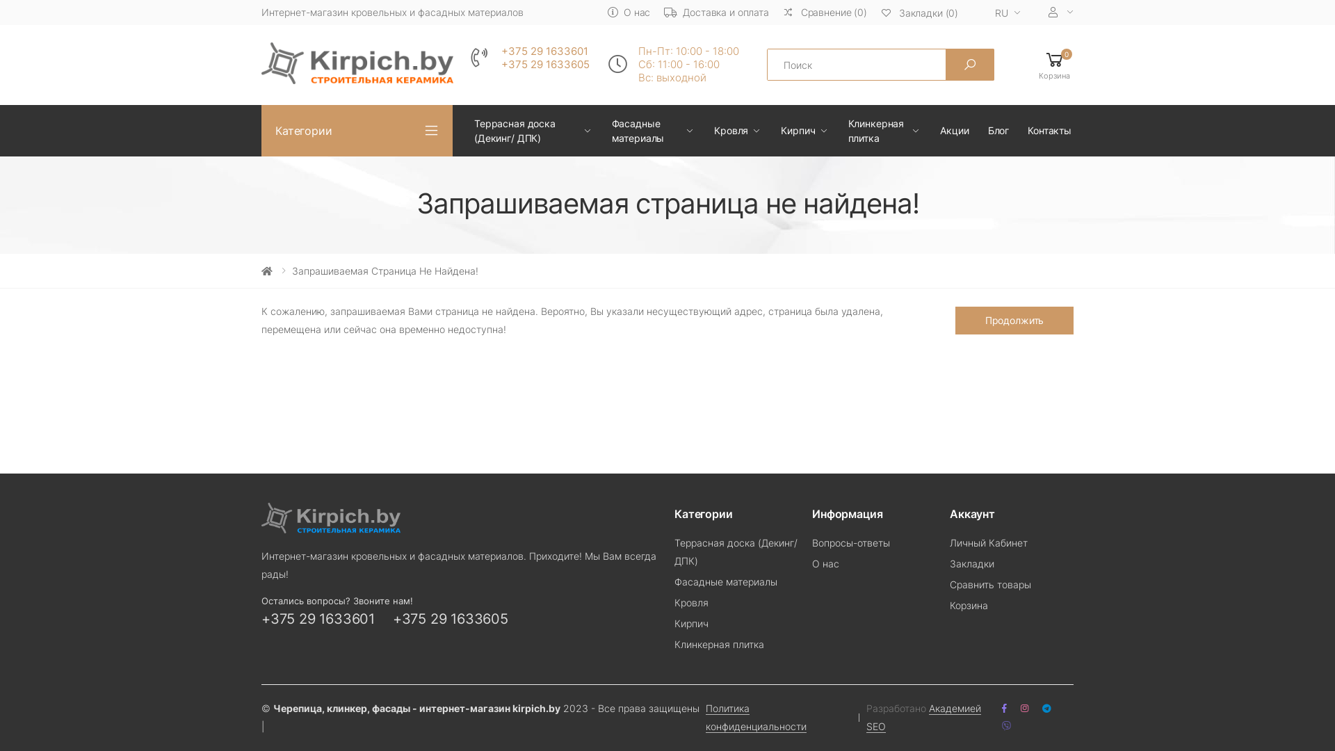 This screenshot has width=1335, height=751. I want to click on '+375 29 1633605', so click(501, 65).